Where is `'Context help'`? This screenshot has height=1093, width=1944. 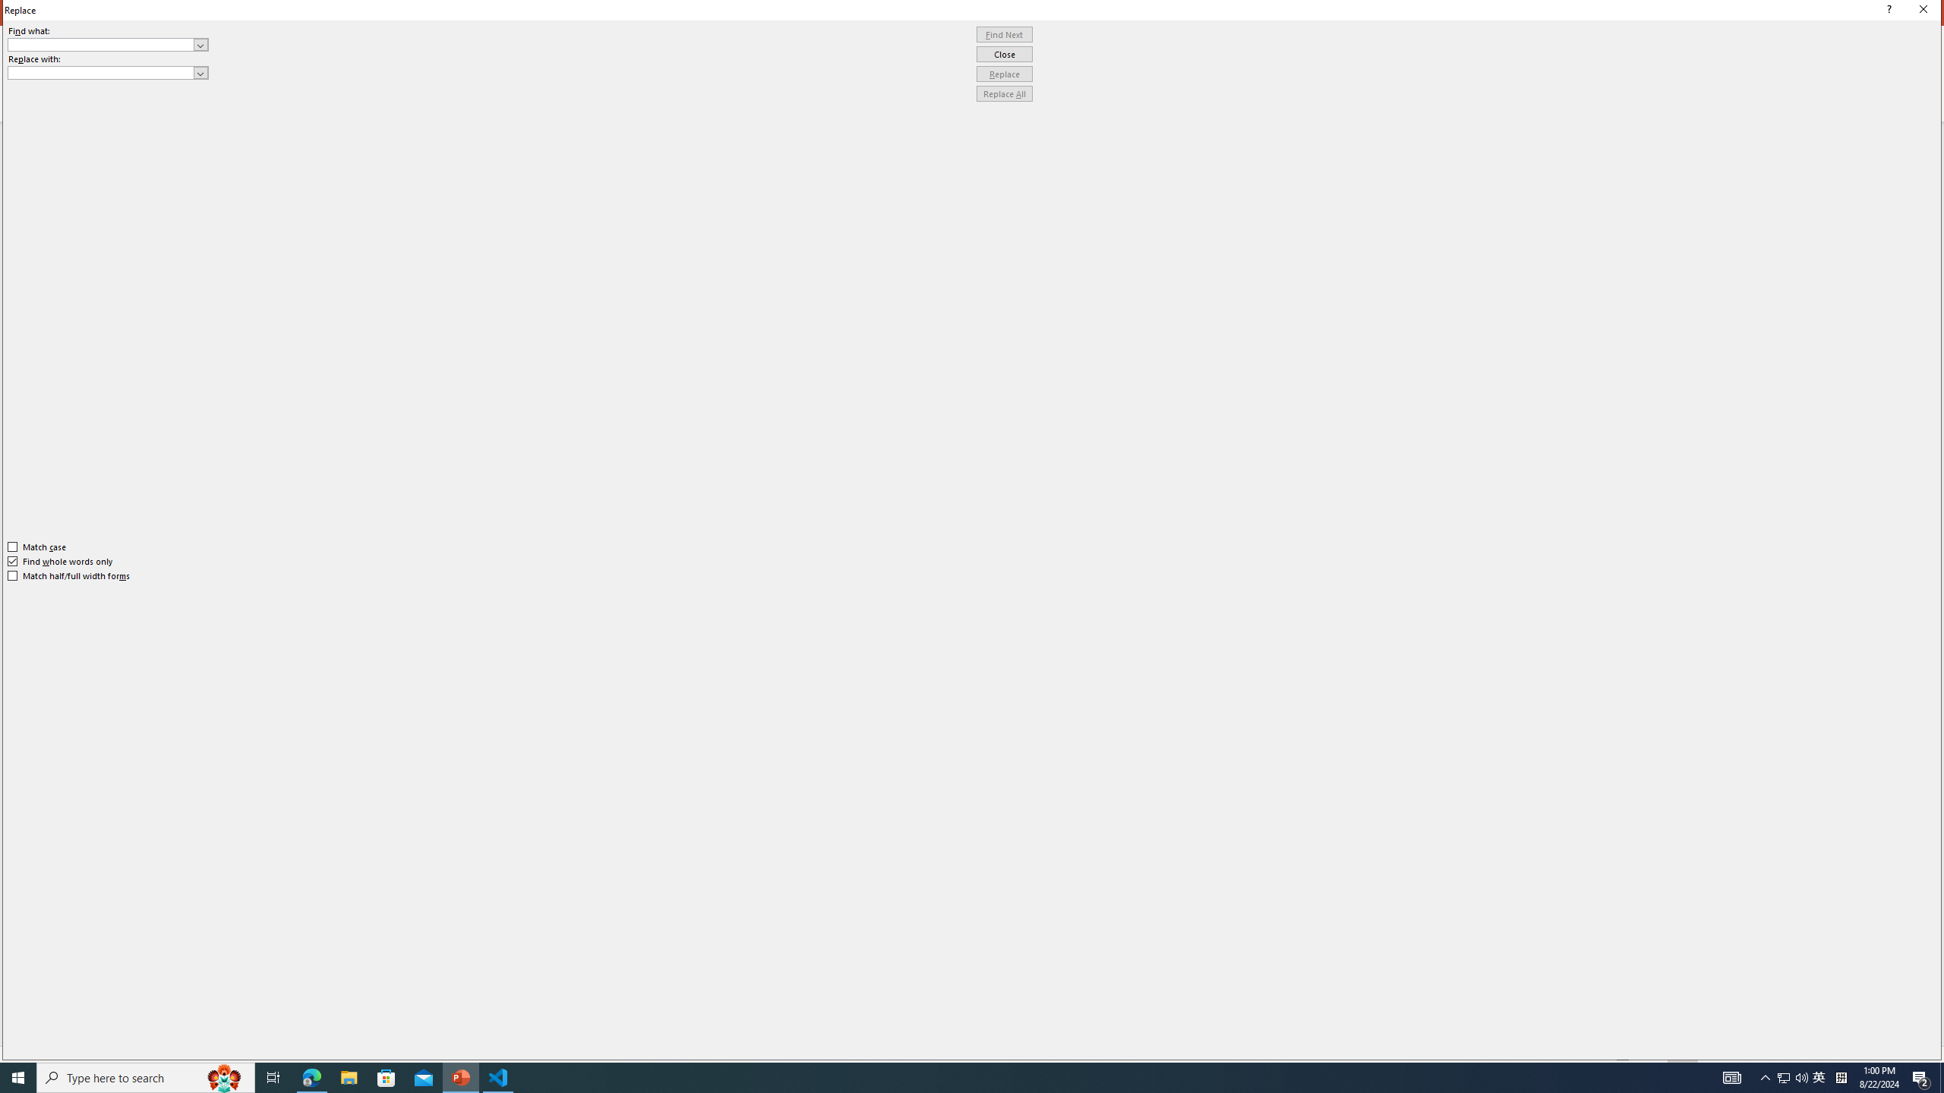
'Context help' is located at coordinates (1886, 11).